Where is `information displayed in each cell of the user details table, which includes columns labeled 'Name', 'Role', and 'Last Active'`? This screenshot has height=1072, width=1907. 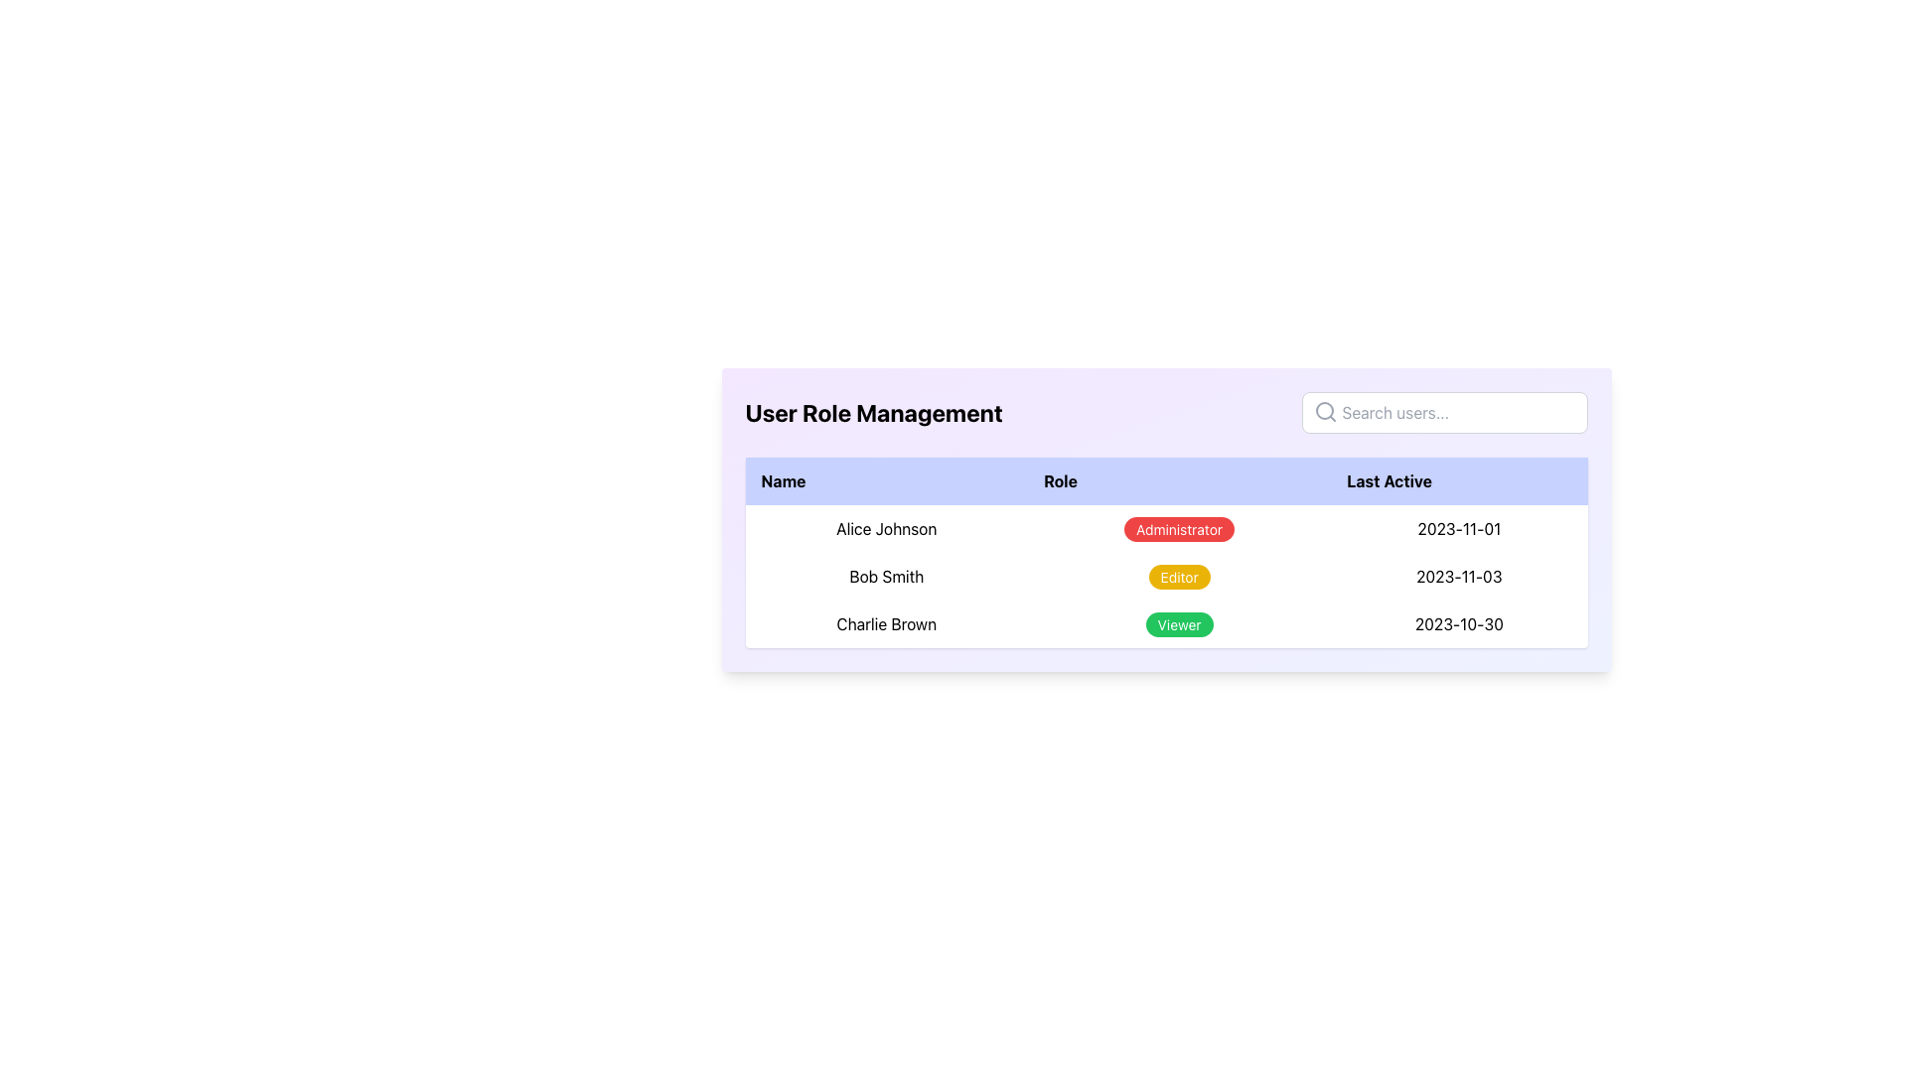 information displayed in each cell of the user details table, which includes columns labeled 'Name', 'Role', and 'Last Active' is located at coordinates (1166, 552).